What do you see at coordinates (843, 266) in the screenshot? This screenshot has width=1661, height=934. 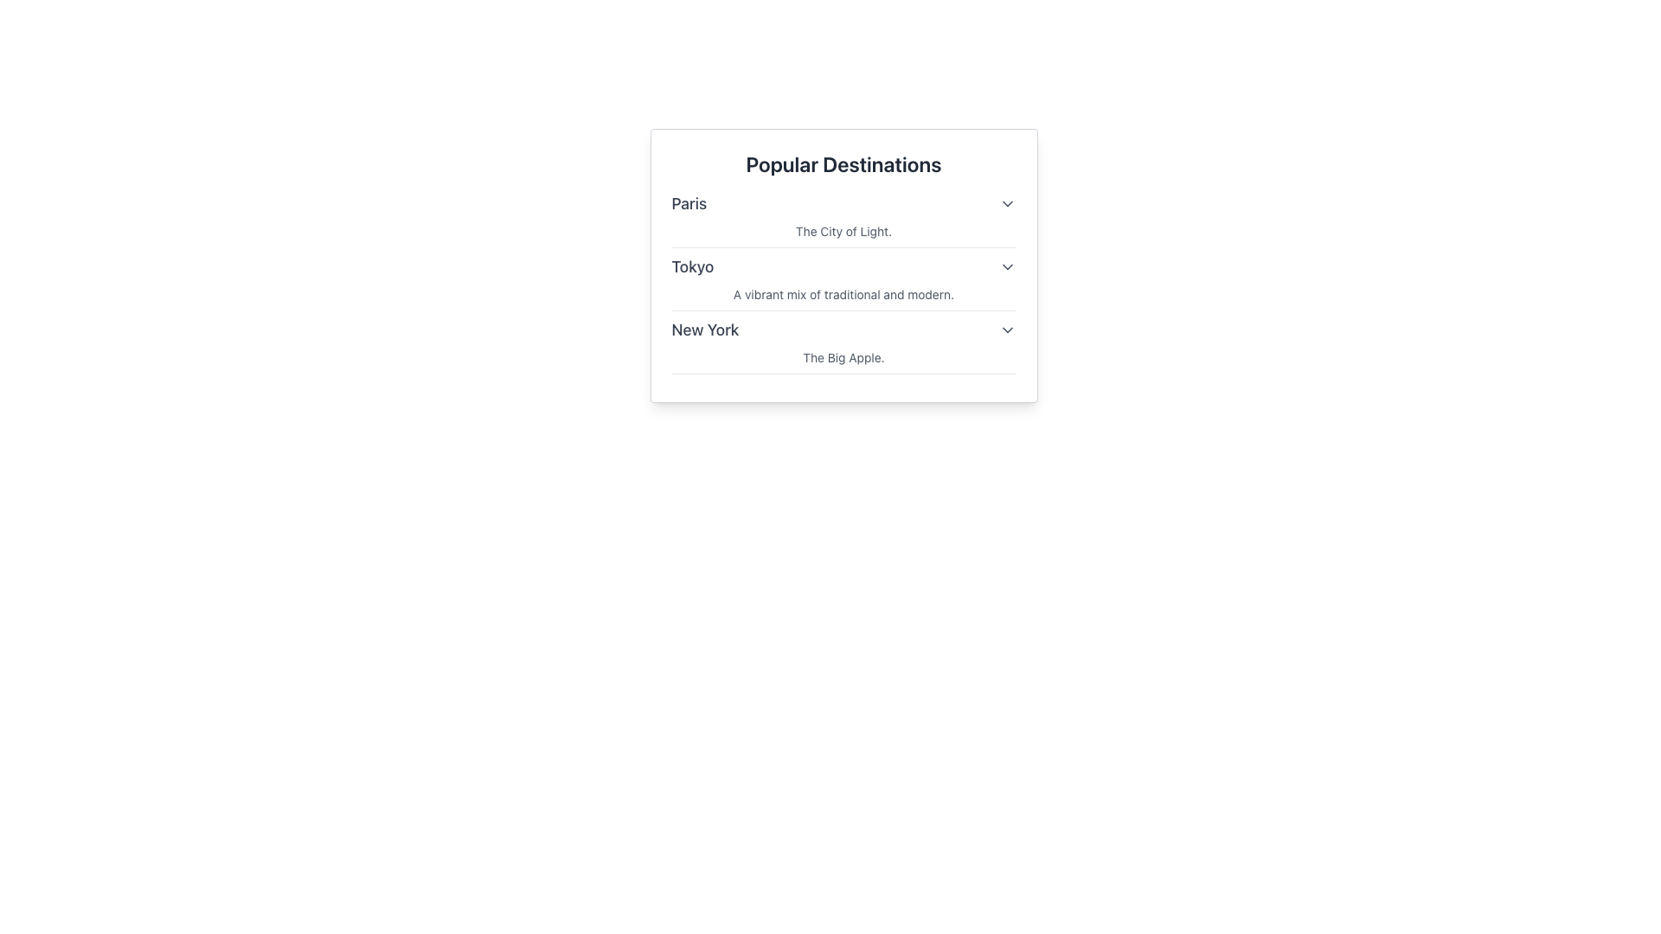 I see `the Dropdown trigger labeled 'Tokyo'` at bounding box center [843, 266].